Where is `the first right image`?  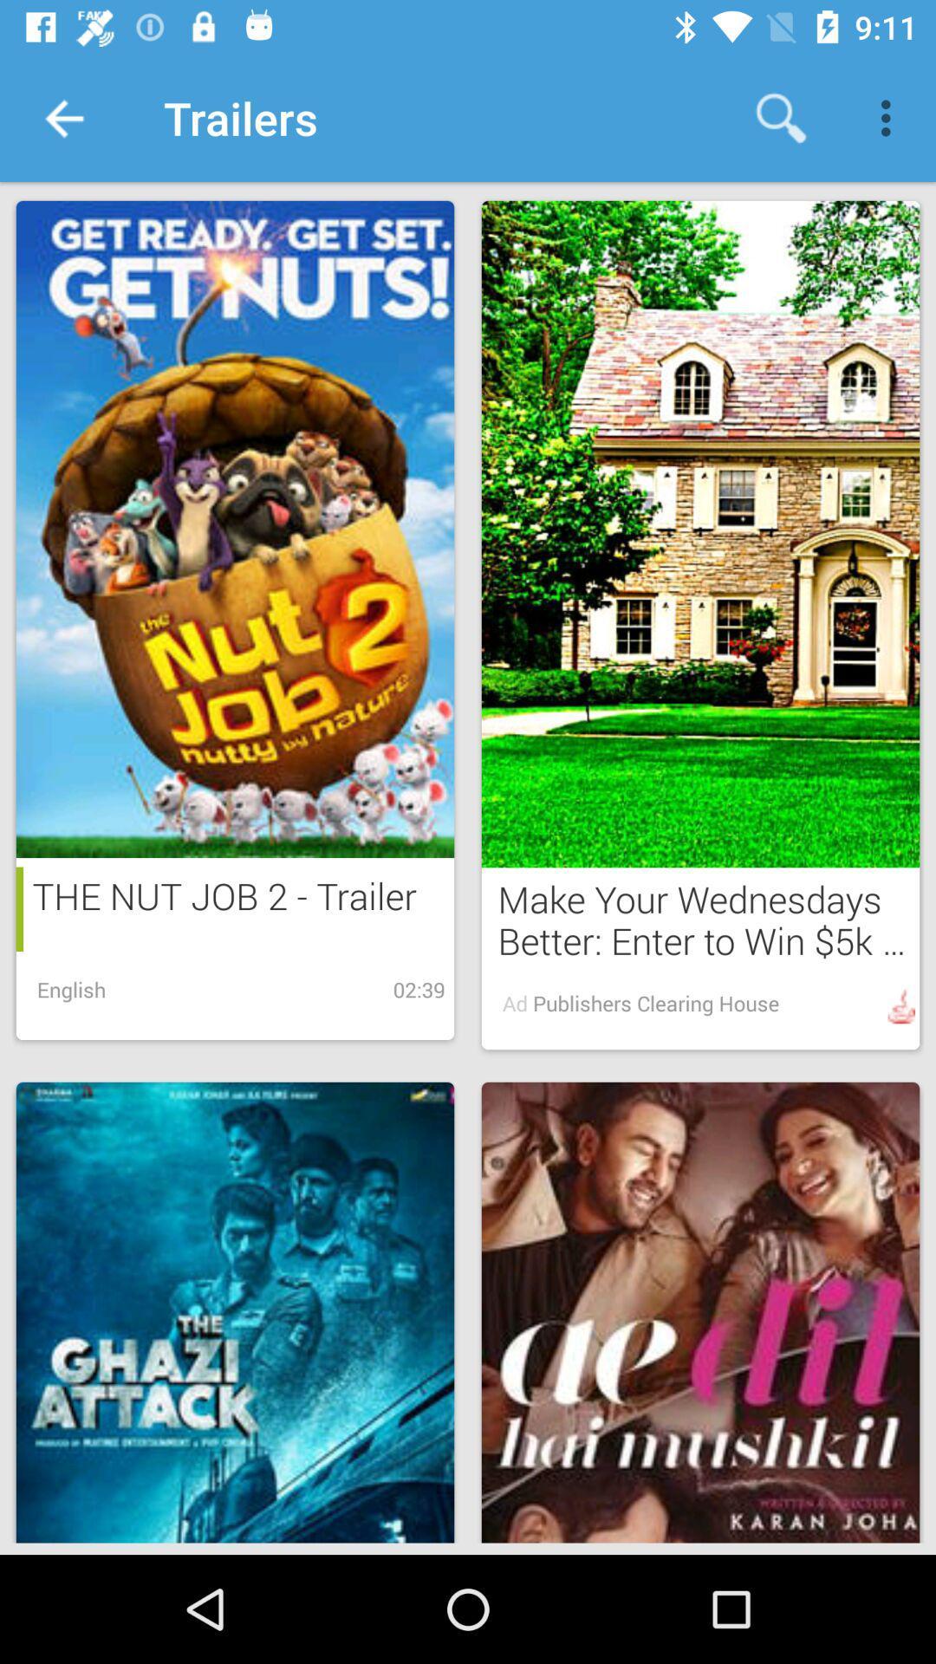 the first right image is located at coordinates (699, 533).